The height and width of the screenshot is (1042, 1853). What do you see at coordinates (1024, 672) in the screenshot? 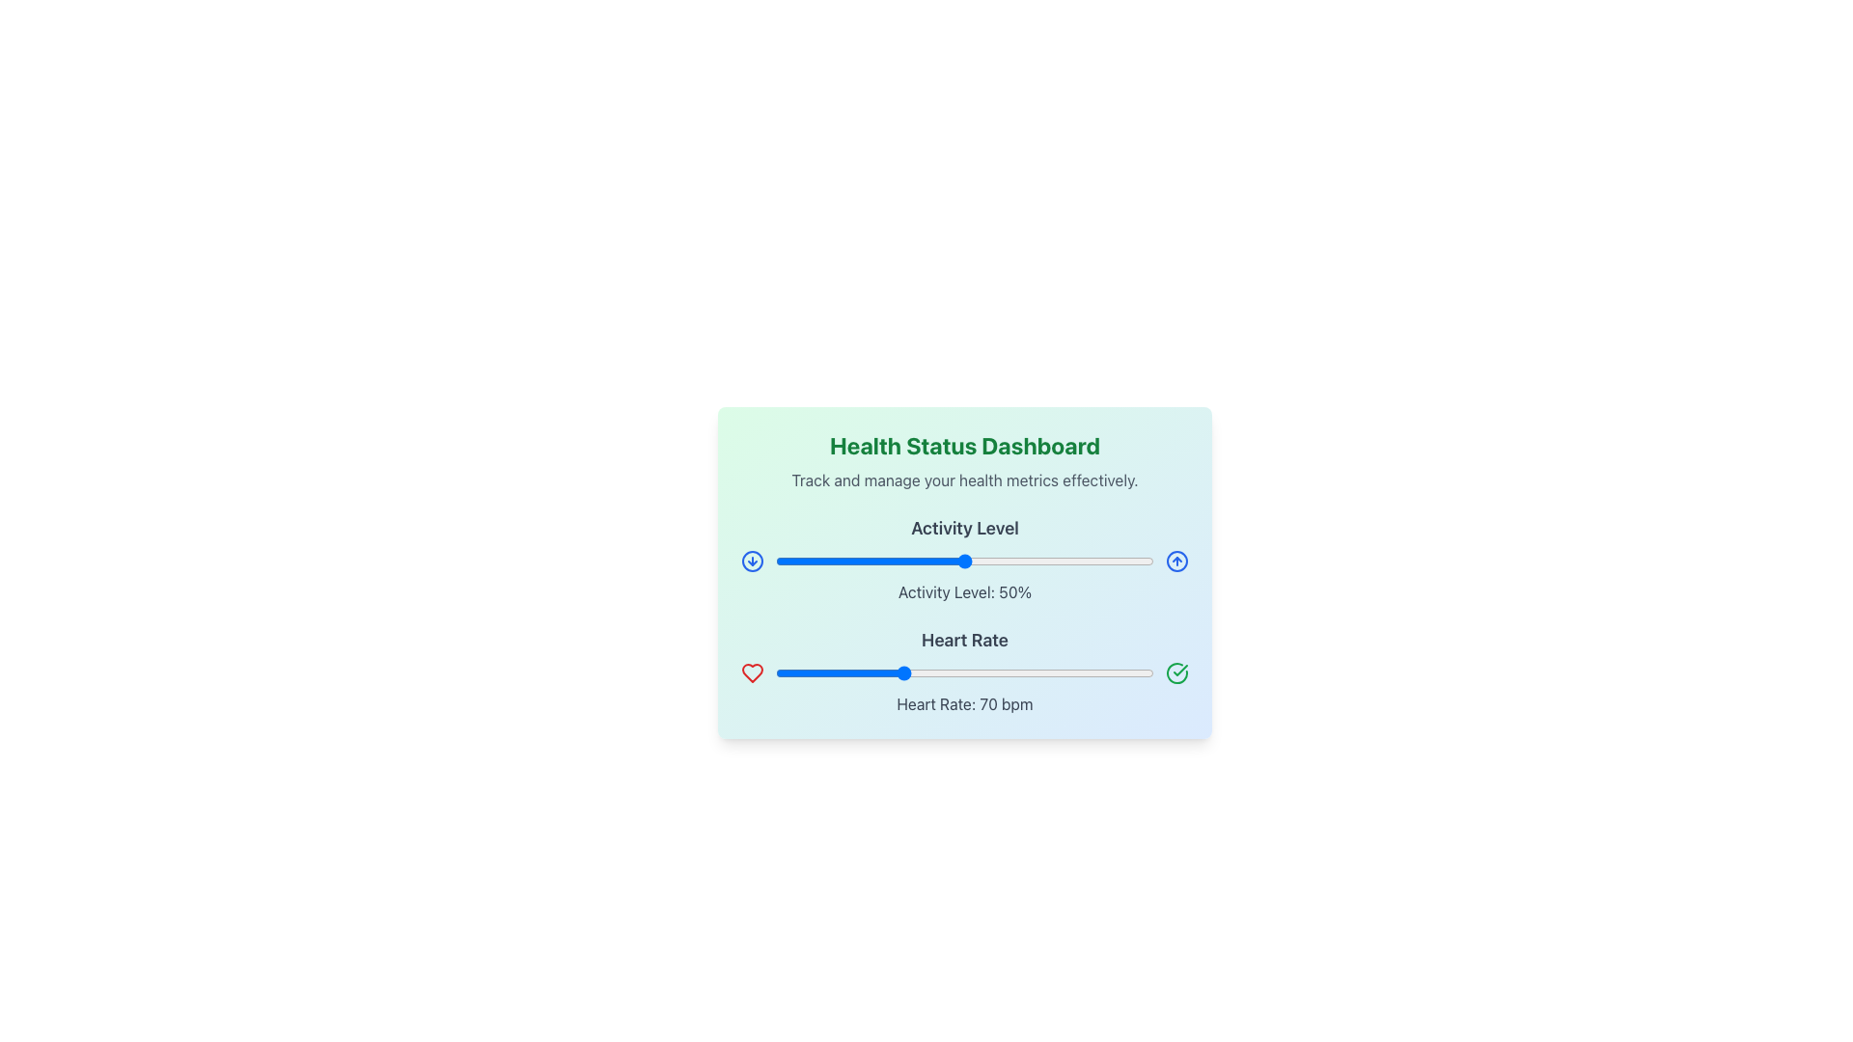
I see `heart rate` at bounding box center [1024, 672].